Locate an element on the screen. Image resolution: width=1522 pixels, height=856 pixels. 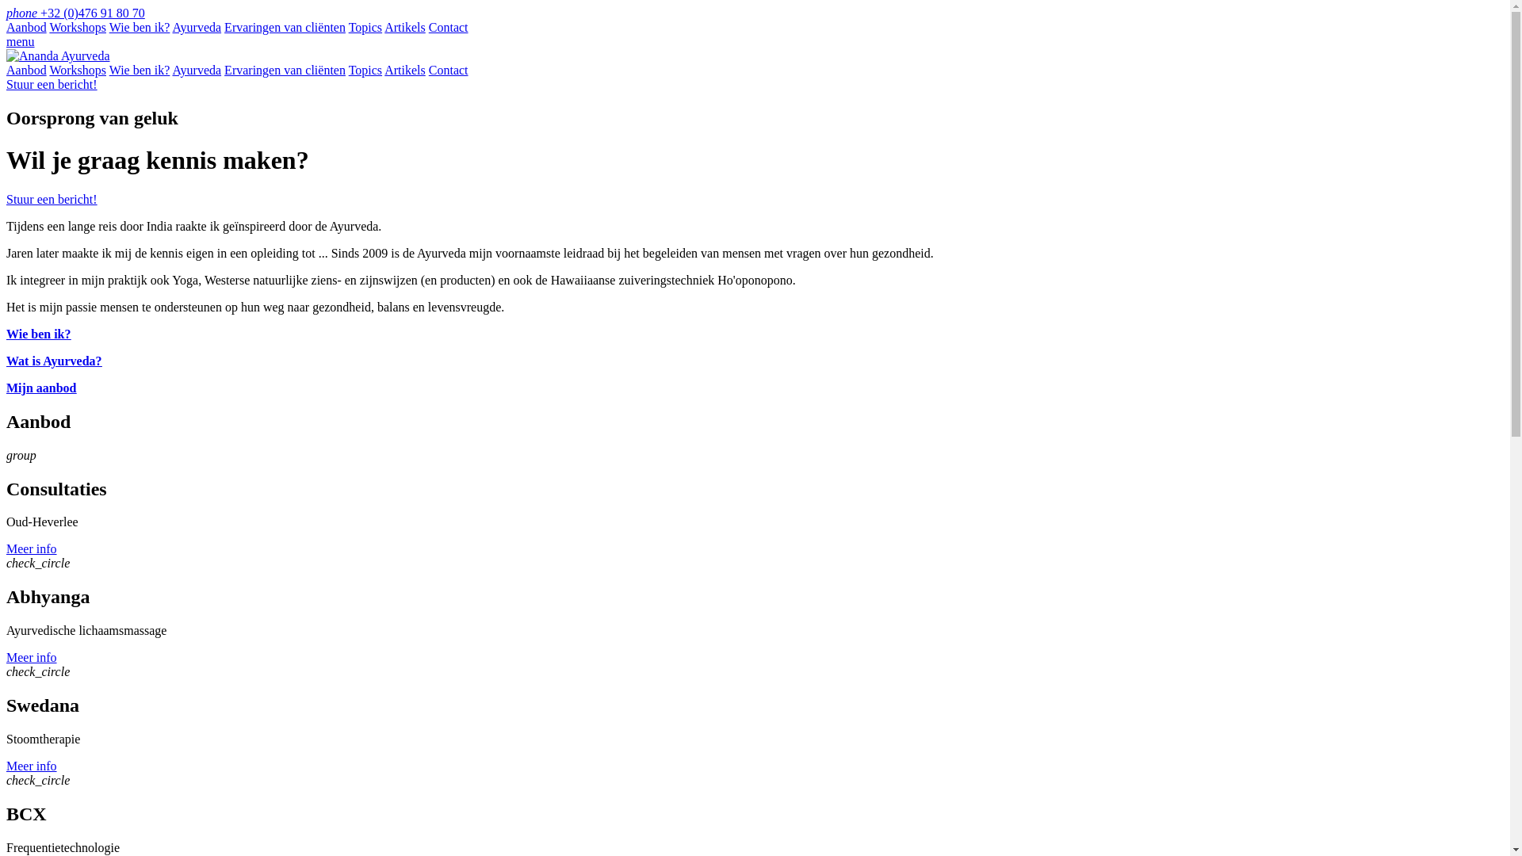
'Ayurveda' is located at coordinates (171, 69).